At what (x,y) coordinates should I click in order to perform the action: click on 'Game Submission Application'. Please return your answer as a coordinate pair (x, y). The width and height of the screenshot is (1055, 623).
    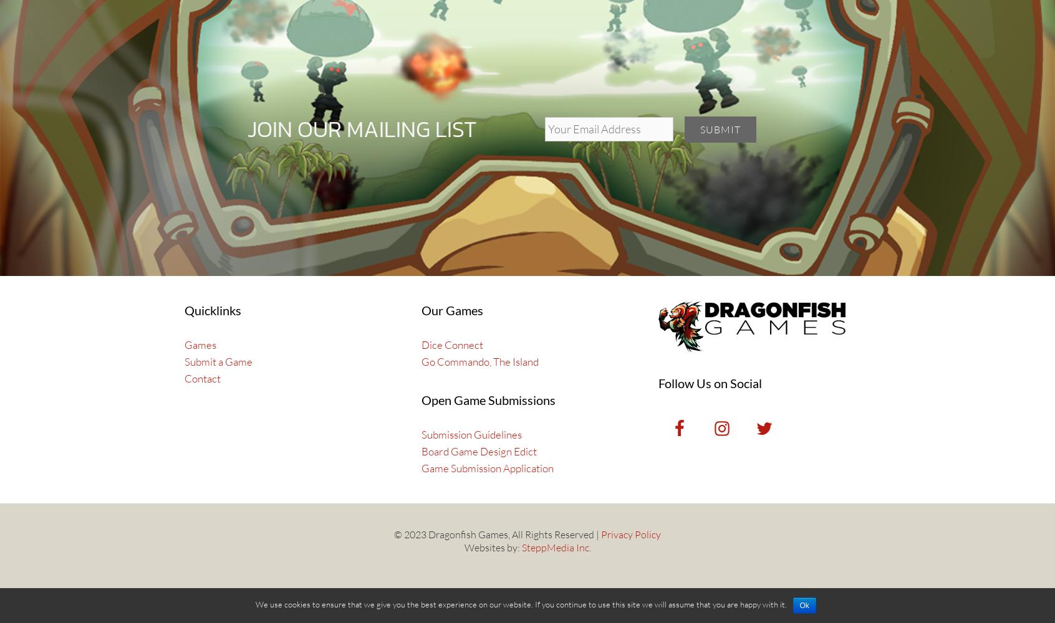
    Looking at the image, I should click on (487, 468).